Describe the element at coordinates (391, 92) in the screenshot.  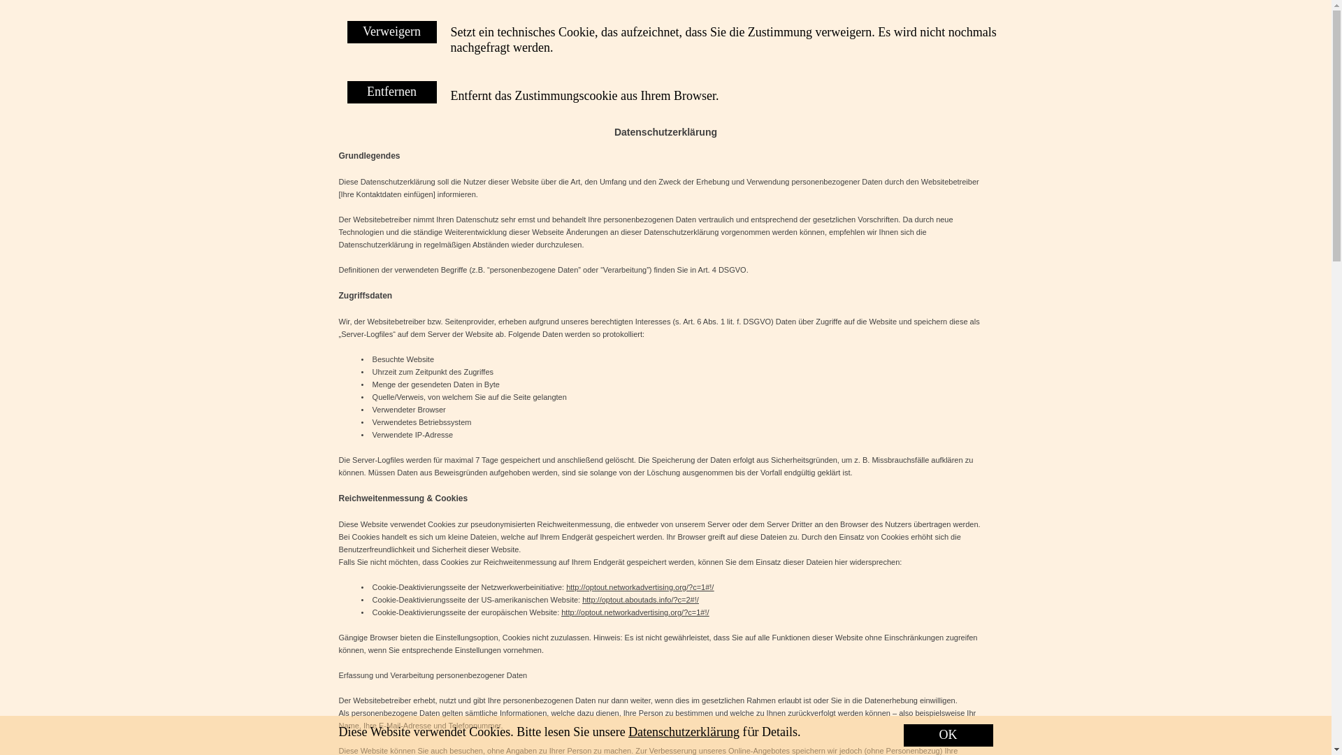
I see `'Entfernen'` at that location.